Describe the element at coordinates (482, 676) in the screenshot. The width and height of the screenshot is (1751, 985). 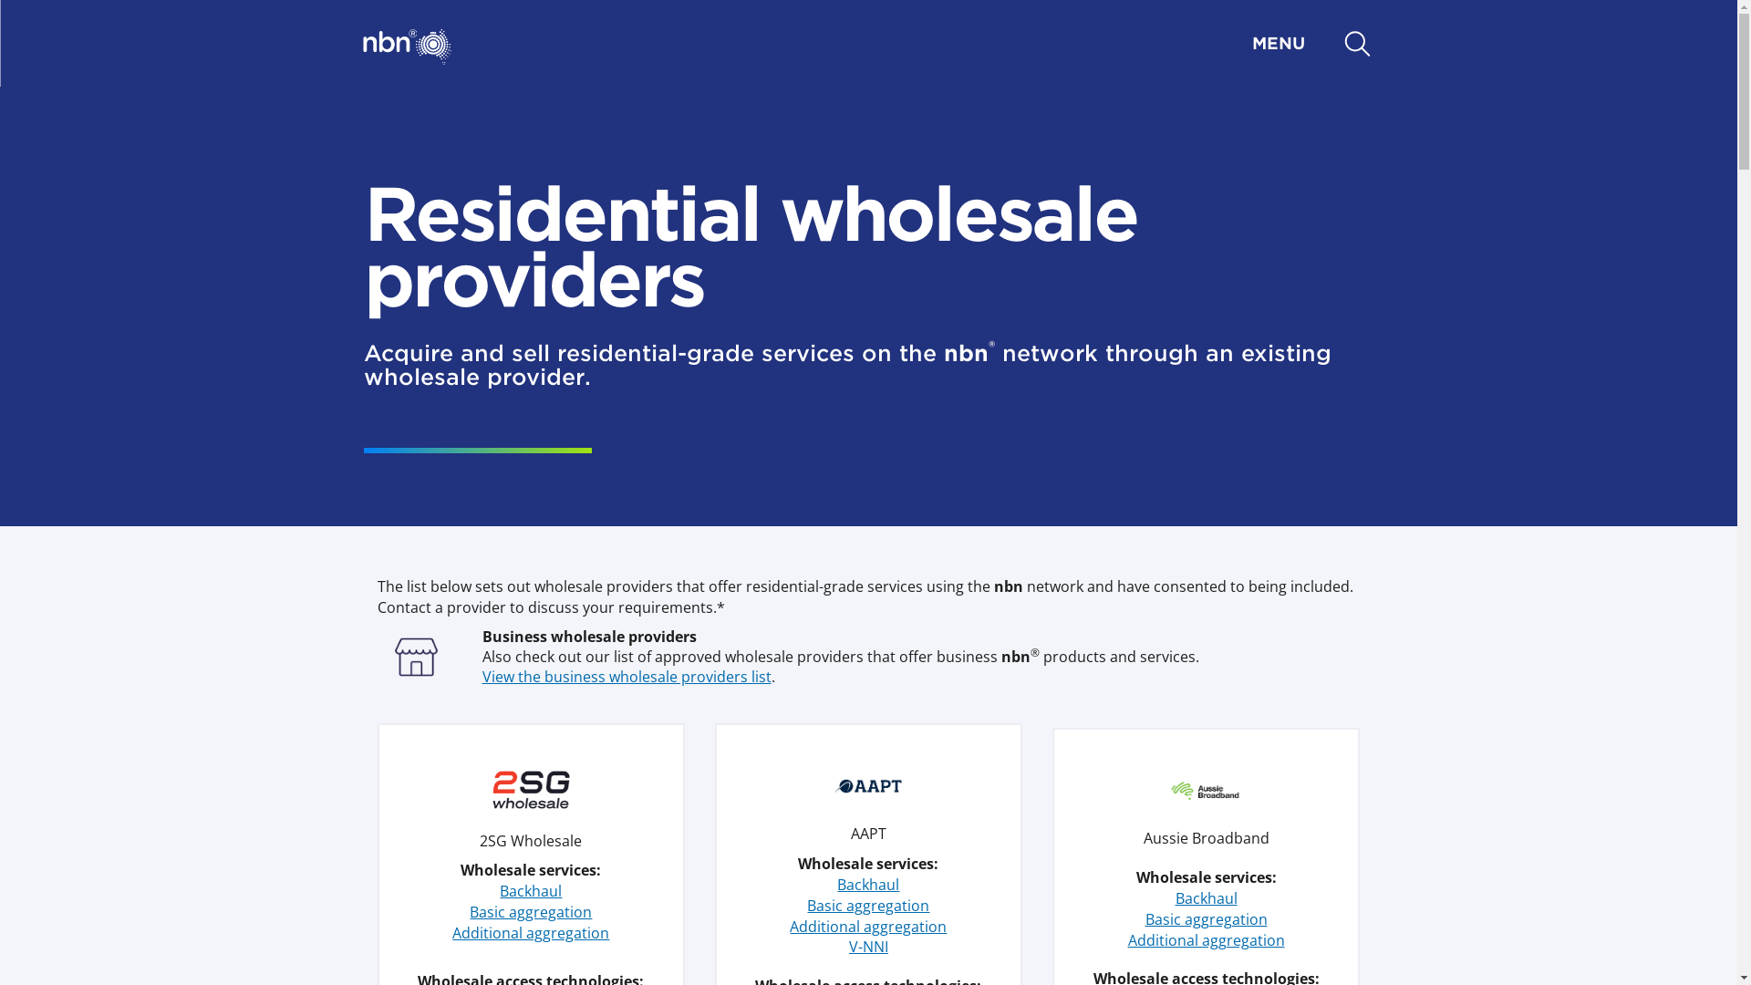
I see `'View the business wholesale providers list'` at that location.